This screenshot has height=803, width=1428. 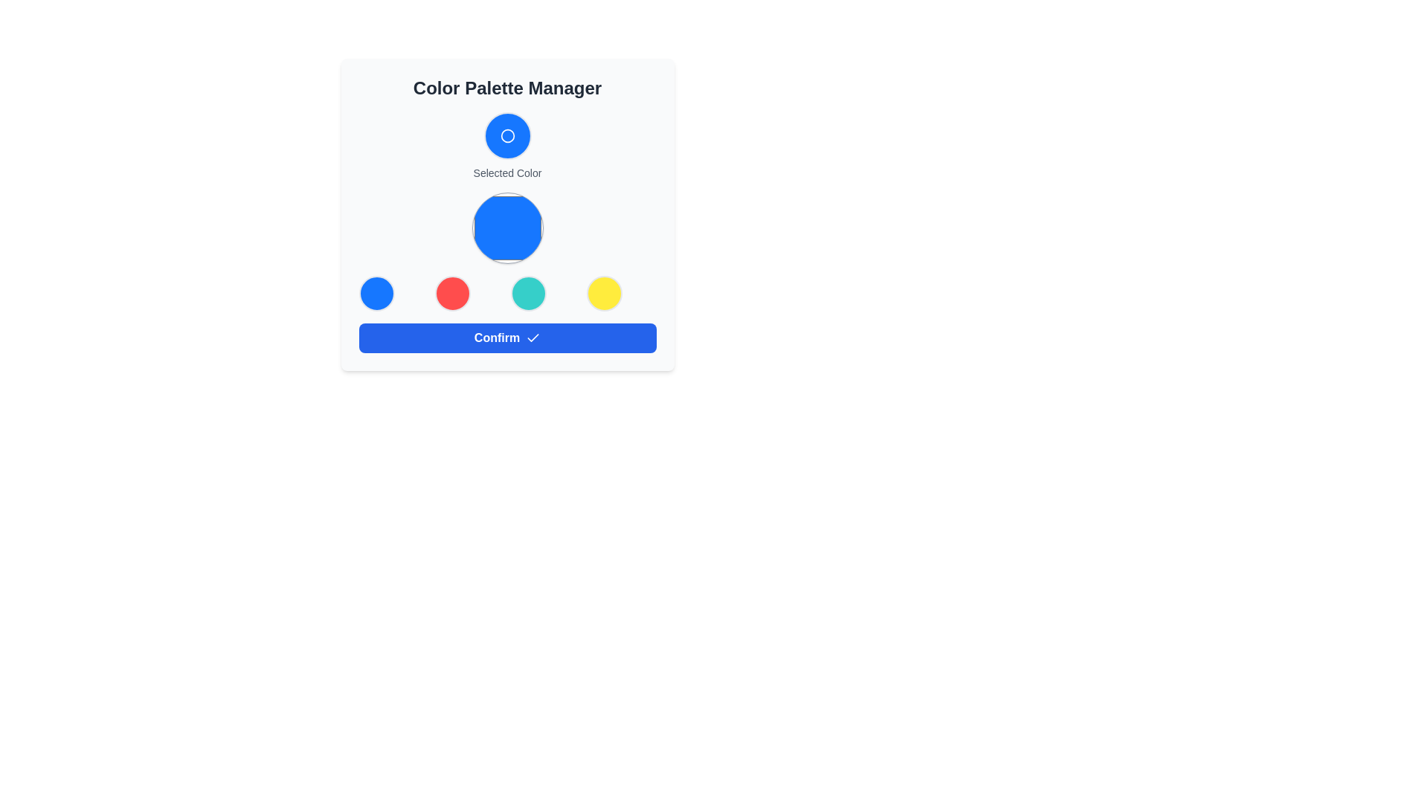 I want to click on the blue circular Display Panel with a white border and a smaller white circle in its center that is positioned above the 'Selected Color' label, so click(x=507, y=146).